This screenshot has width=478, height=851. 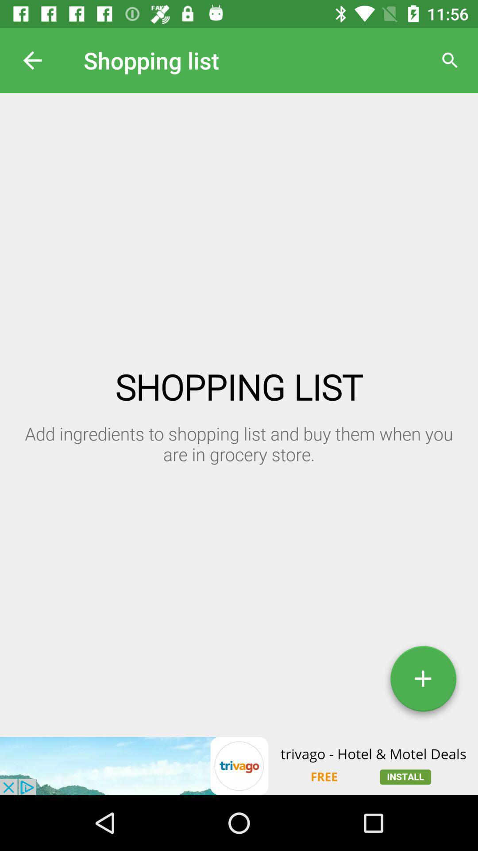 What do you see at coordinates (423, 682) in the screenshot?
I see `the add icon` at bounding box center [423, 682].